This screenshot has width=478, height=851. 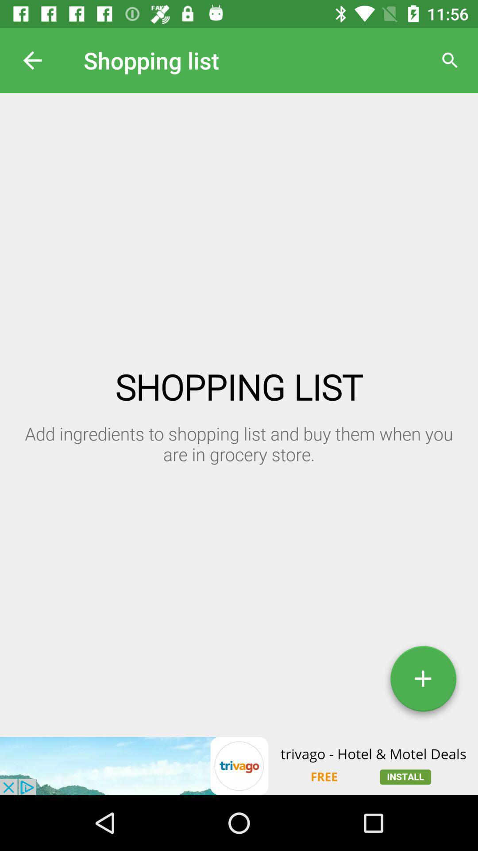 What do you see at coordinates (423, 682) in the screenshot?
I see `the add icon` at bounding box center [423, 682].